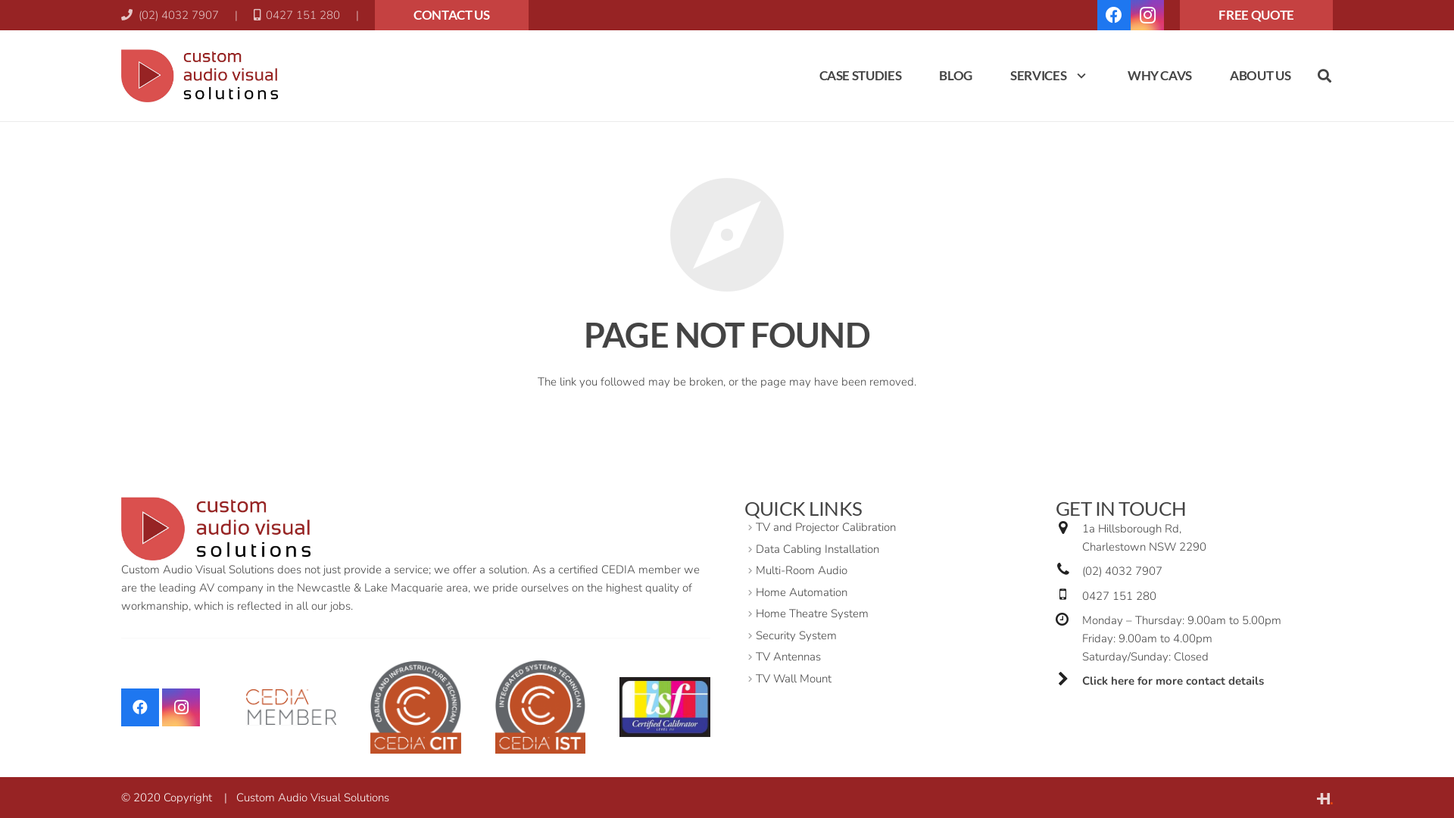 The width and height of the screenshot is (1454, 818). What do you see at coordinates (1324, 797) in the screenshot?
I see `'Website by HyperWeb'` at bounding box center [1324, 797].